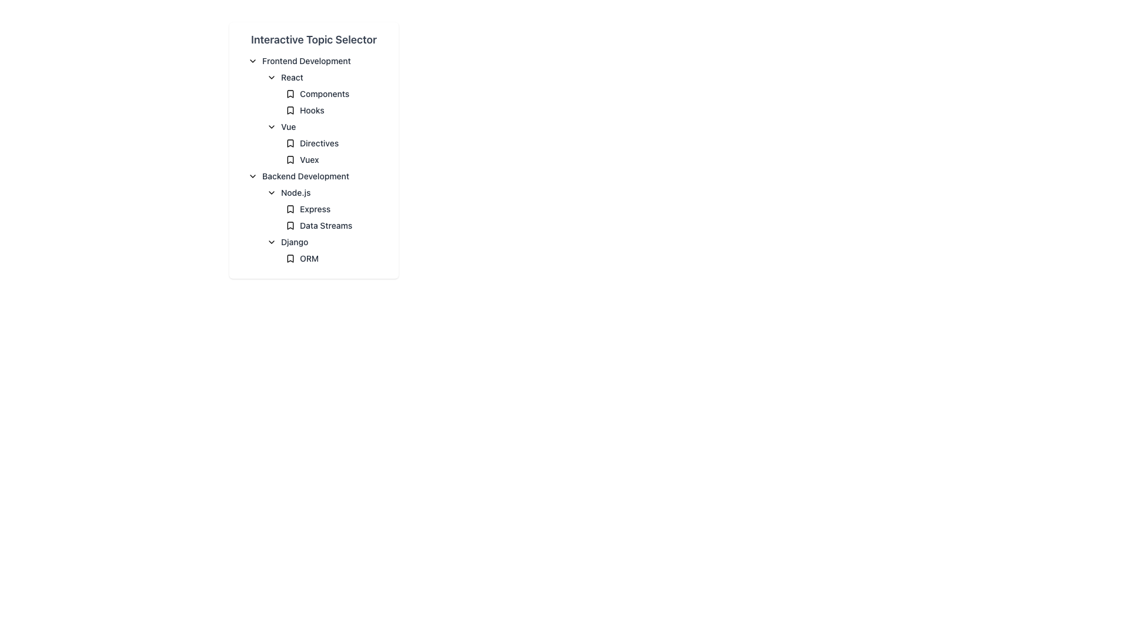 The height and width of the screenshot is (635, 1129). Describe the element at coordinates (290, 160) in the screenshot. I see `the bookmark icon for the 'Vuex' topic` at that location.